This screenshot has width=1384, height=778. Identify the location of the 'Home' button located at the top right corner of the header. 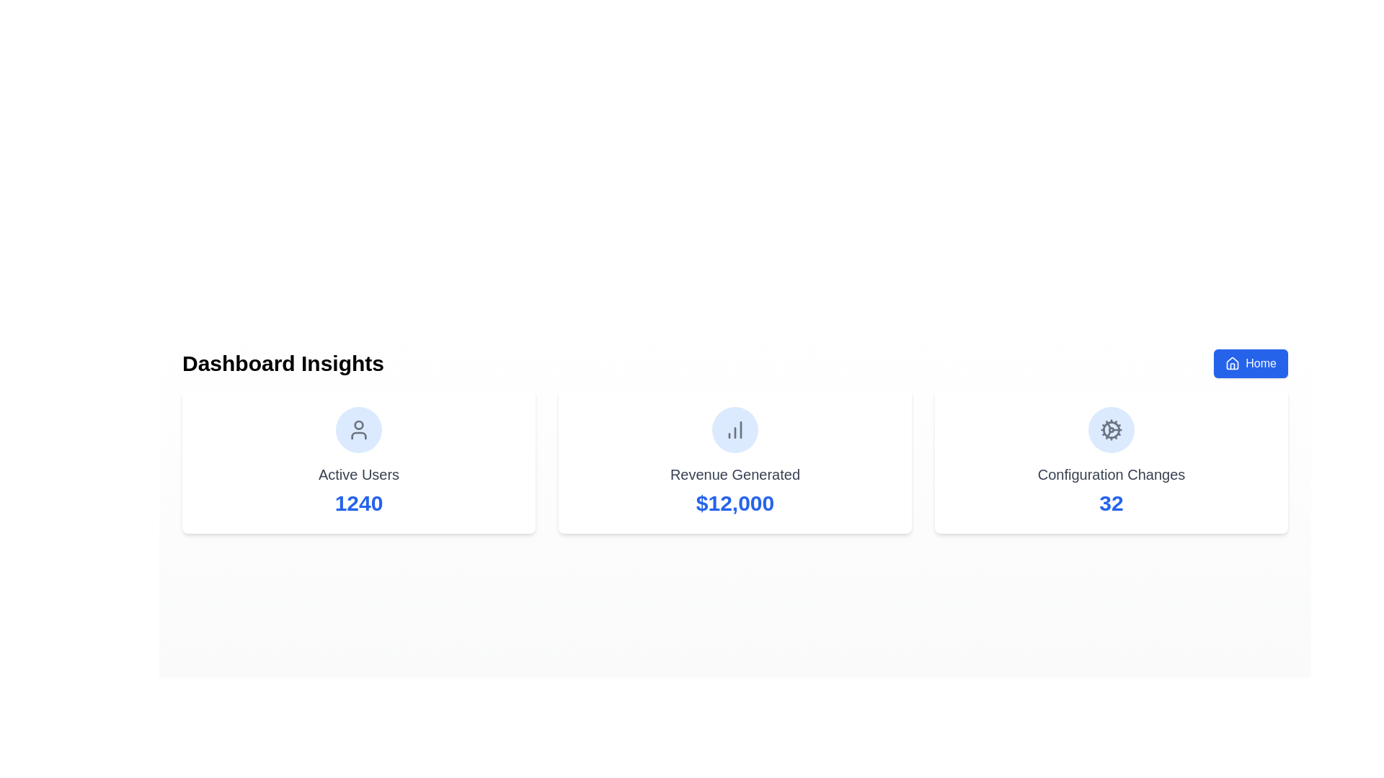
(1250, 363).